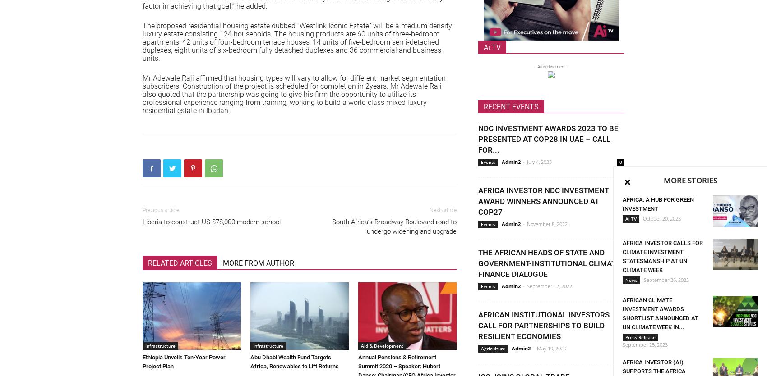  I want to click on 'Liberia to construct US $78,000 modern school', so click(143, 221).